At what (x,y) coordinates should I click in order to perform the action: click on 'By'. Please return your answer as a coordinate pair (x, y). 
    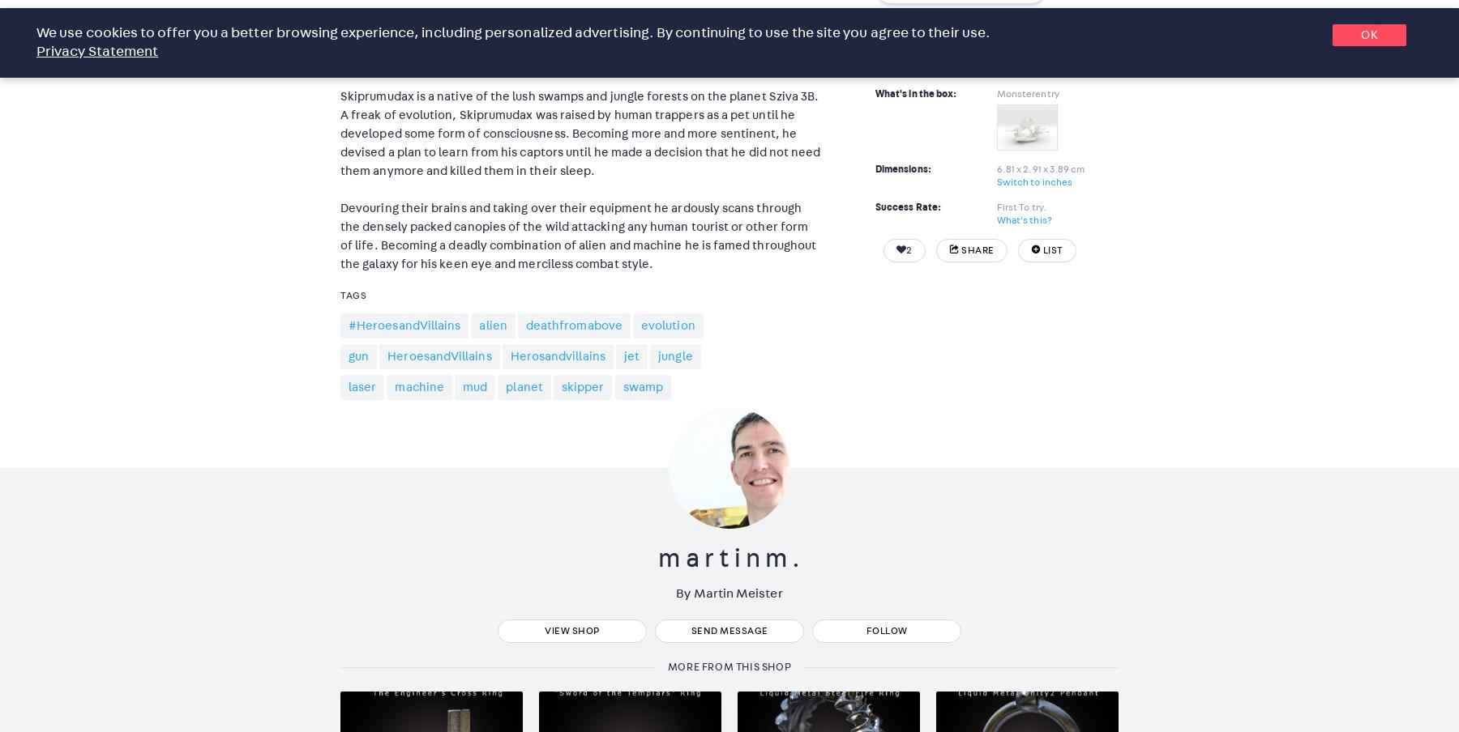
    Looking at the image, I should click on (684, 591).